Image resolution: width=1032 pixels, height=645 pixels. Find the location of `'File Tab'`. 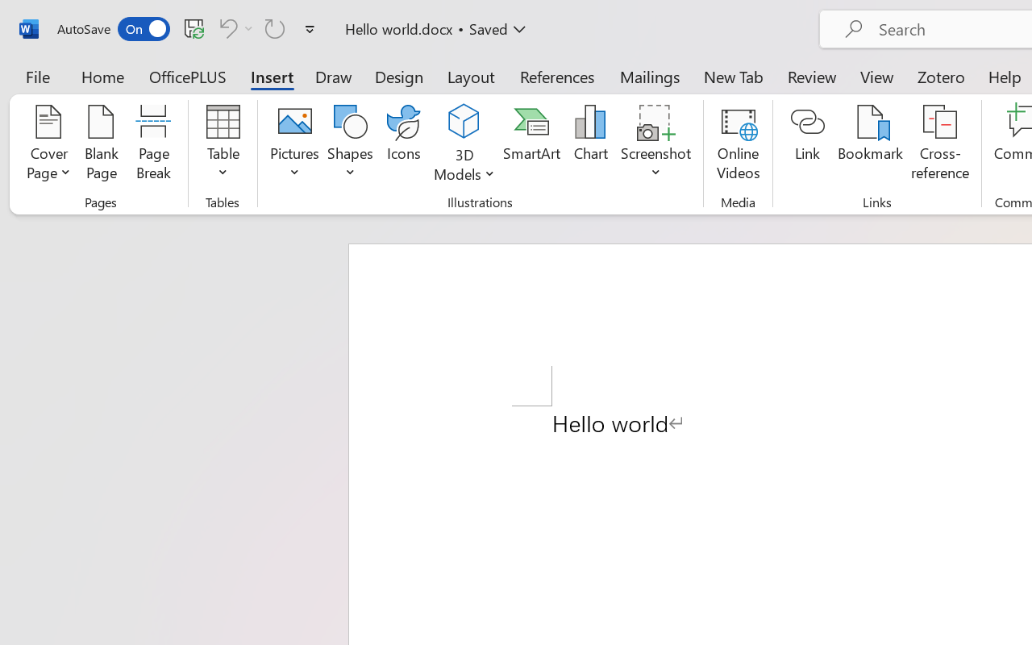

'File Tab' is located at coordinates (37, 76).